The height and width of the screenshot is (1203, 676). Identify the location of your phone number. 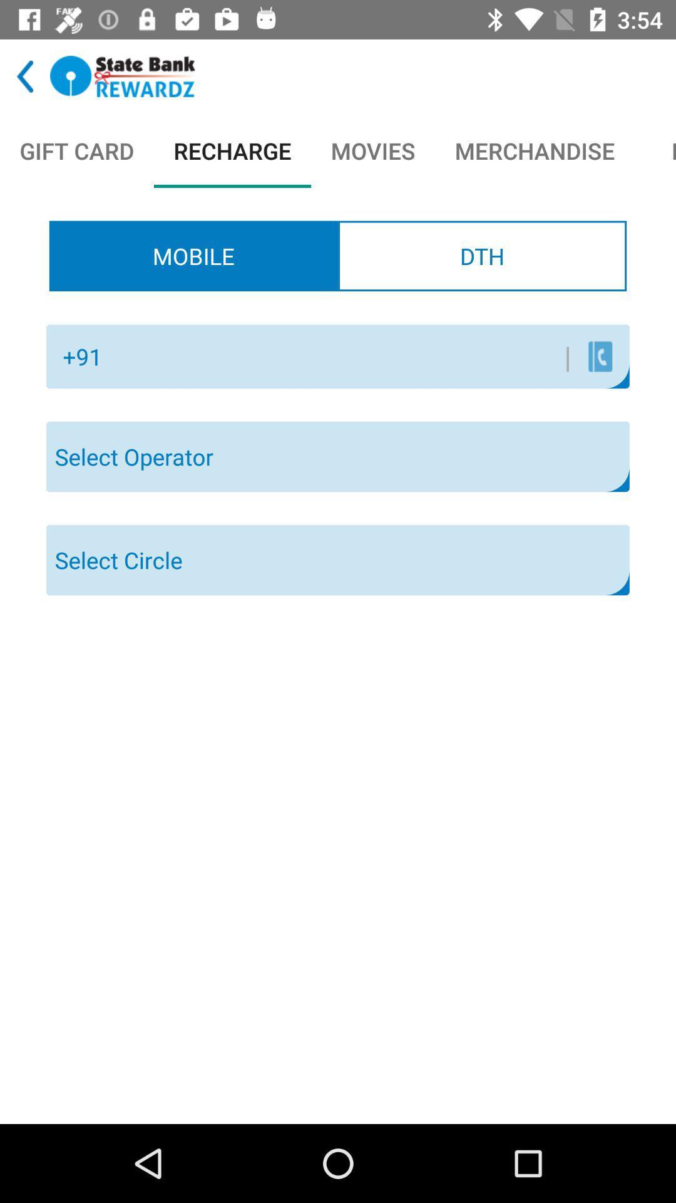
(341, 356).